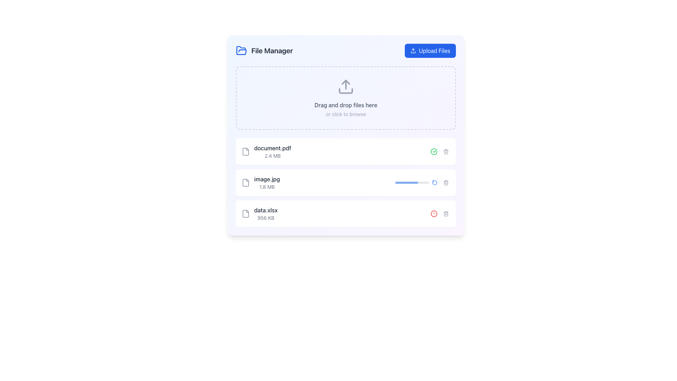  Describe the element at coordinates (242, 50) in the screenshot. I see `the folder icon with a blue outline located in the top-left corner of the File Manager interface, next to the 'File Manager' label` at that location.